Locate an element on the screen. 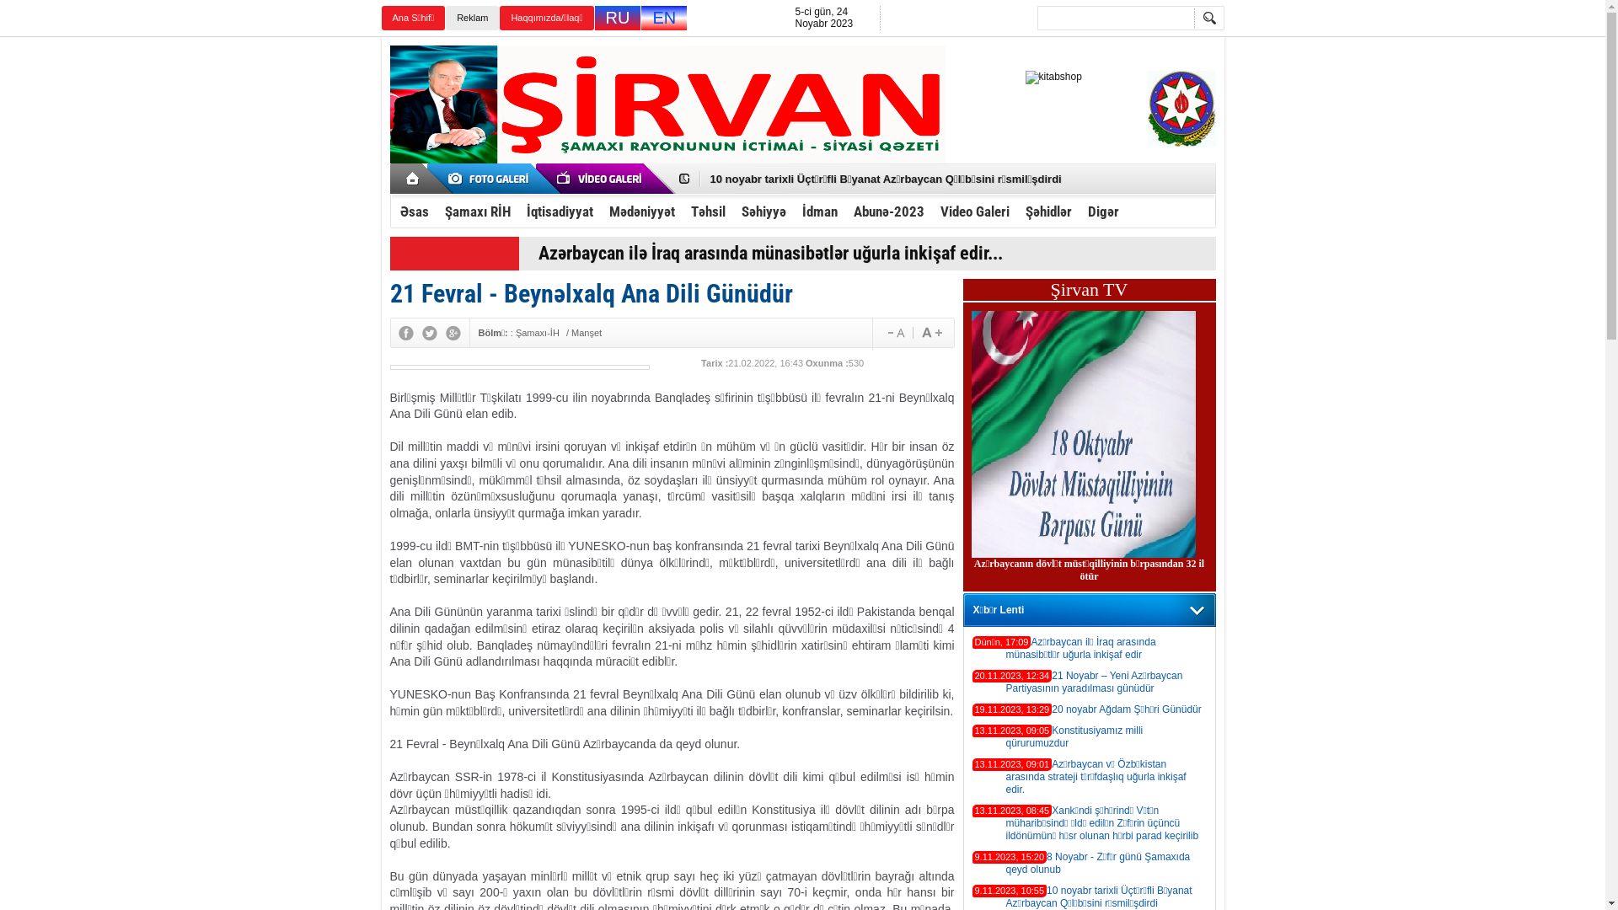 The image size is (1618, 910). 'Google+' is located at coordinates (453, 332).